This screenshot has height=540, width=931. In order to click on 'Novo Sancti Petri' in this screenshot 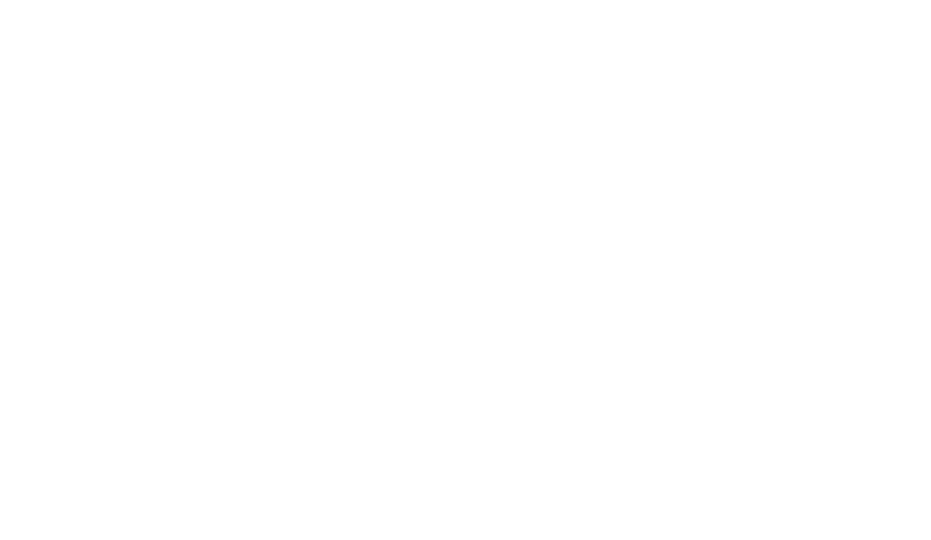, I will do `click(670, 372)`.